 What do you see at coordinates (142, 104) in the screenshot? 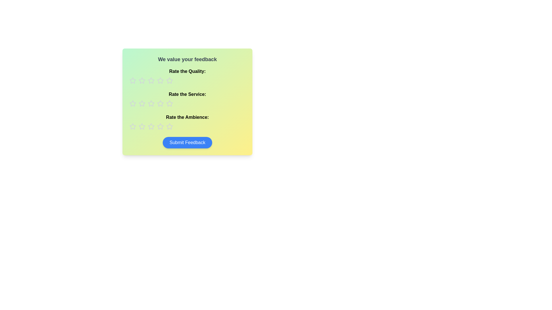
I see `the second star in the rating row labeled 'Rate the Service:'` at bounding box center [142, 104].